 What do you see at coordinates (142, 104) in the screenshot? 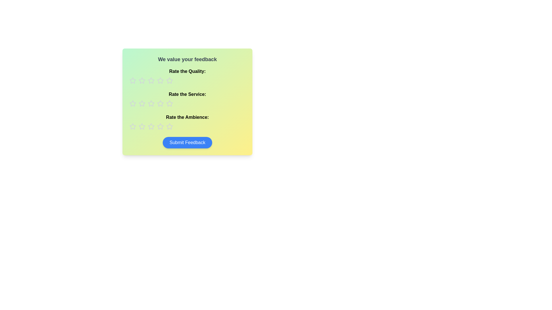
I see `the second star in the rating row labeled 'Rate the Service:'` at bounding box center [142, 104].